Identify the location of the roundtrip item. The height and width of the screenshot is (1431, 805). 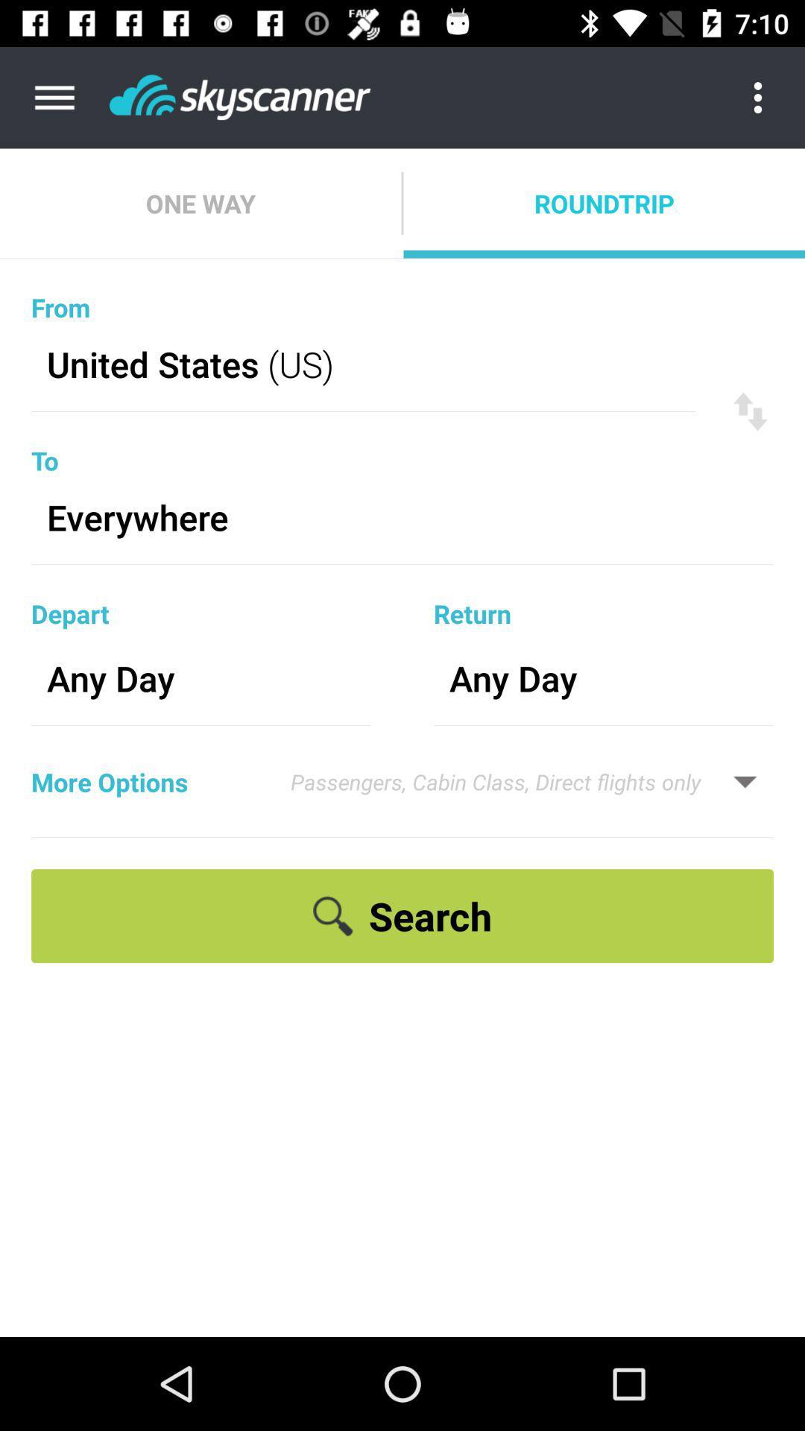
(604, 203).